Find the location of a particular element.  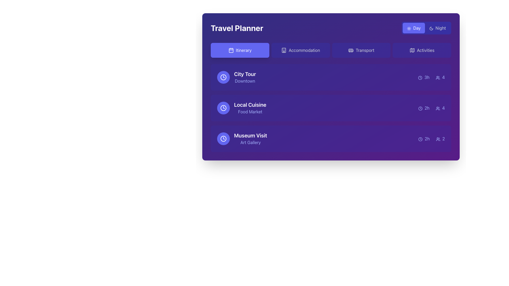

the 'Museum Visit' text label which is styled in bold white color on a dark purple background, serving as the primary title within the travel plan card is located at coordinates (250, 135).